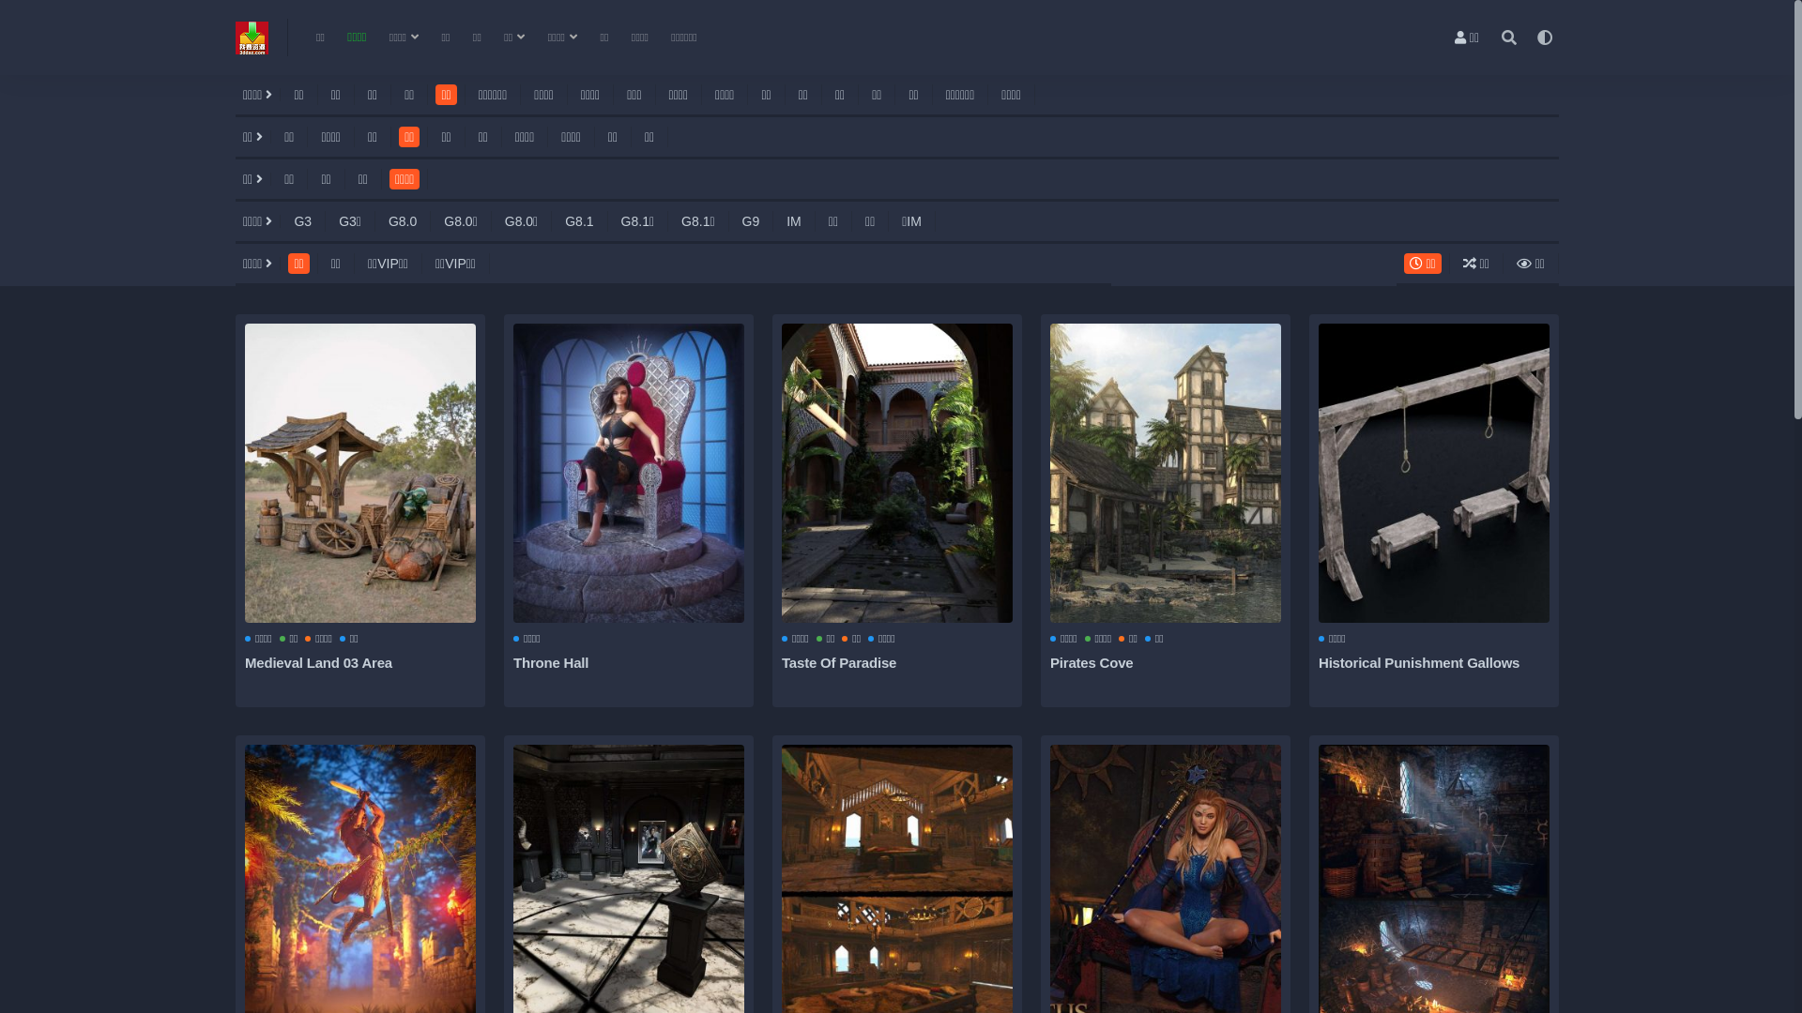 Image resolution: width=1802 pixels, height=1013 pixels. Describe the element at coordinates (1048, 472) in the screenshot. I see `'Pirates Cove'` at that location.